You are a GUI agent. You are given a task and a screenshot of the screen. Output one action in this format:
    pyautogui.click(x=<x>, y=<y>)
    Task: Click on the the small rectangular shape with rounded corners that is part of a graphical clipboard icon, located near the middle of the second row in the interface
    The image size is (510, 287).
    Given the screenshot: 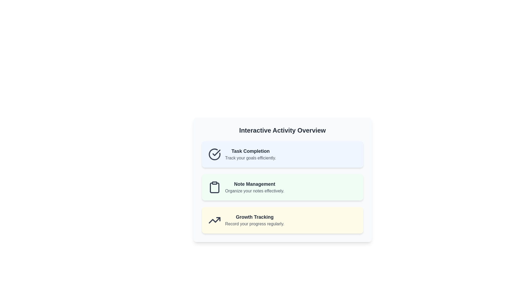 What is the action you would take?
    pyautogui.click(x=214, y=183)
    